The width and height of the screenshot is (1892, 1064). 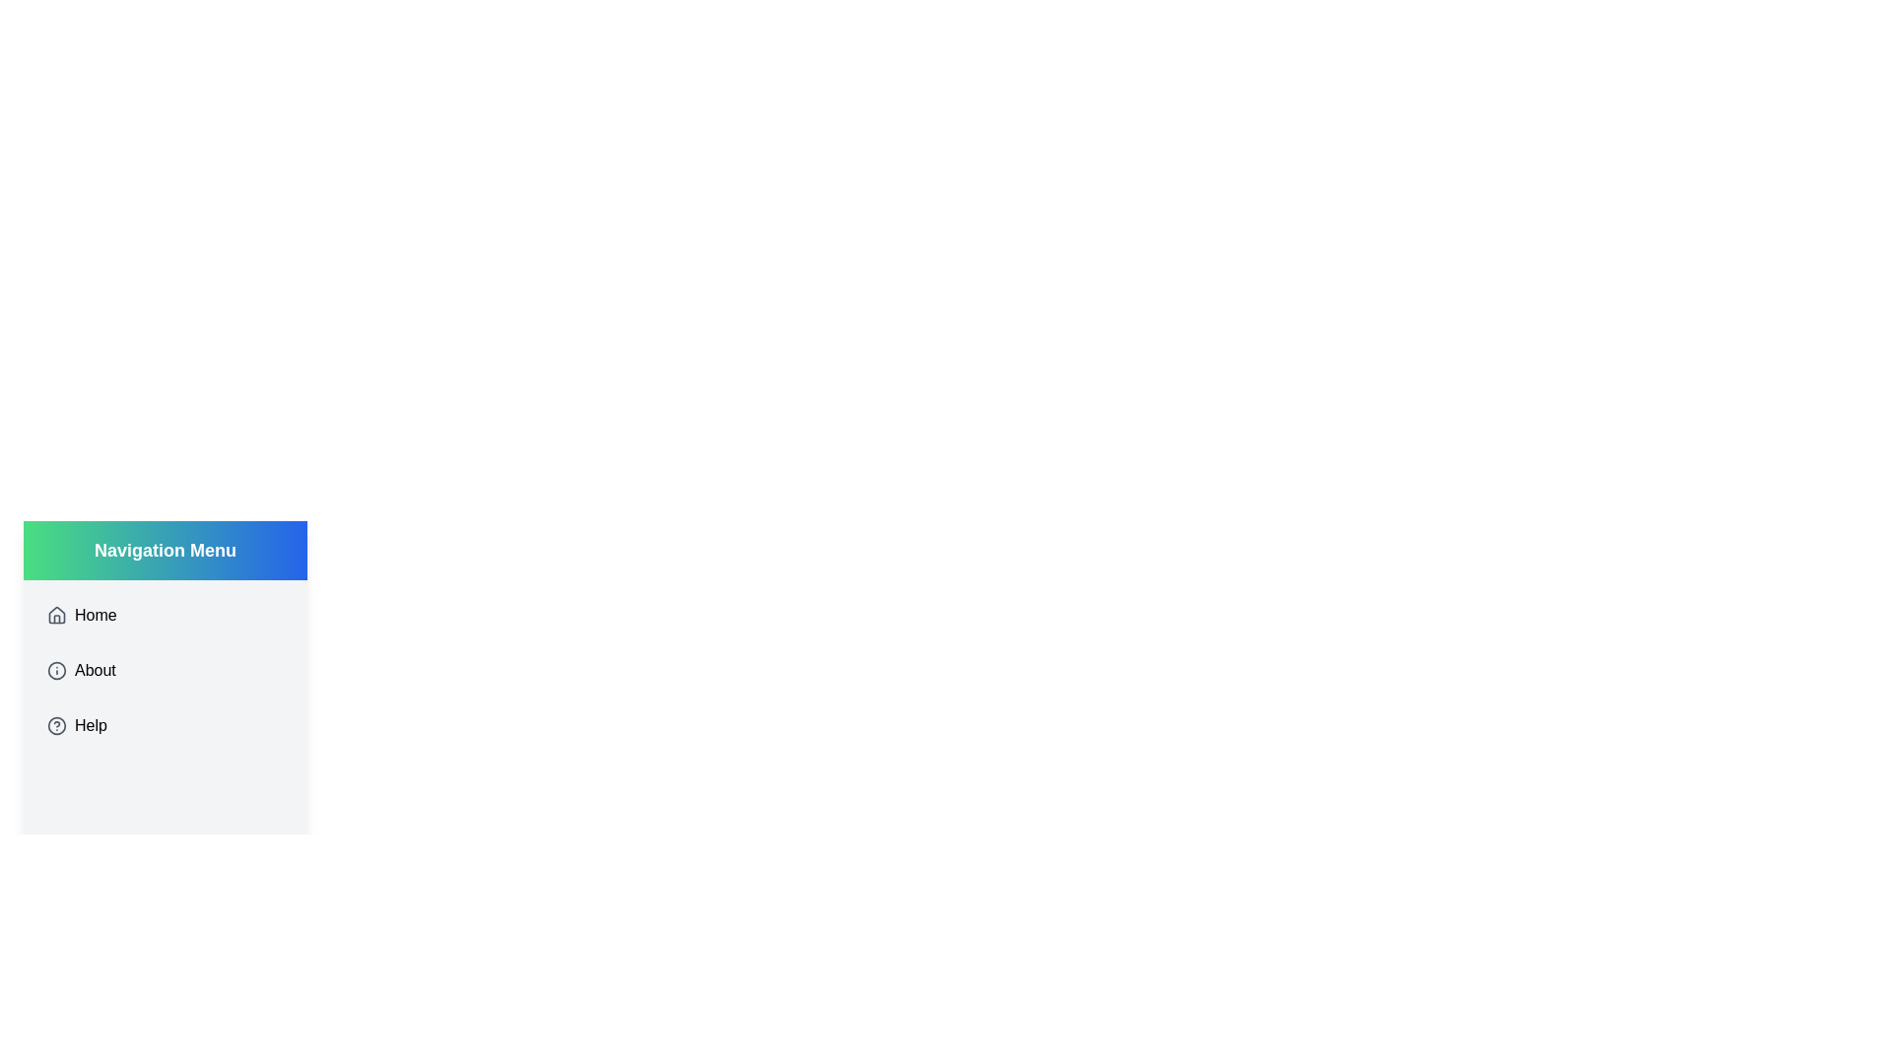 What do you see at coordinates (94, 670) in the screenshot?
I see `the 'About' text label in the vertical navigation menu` at bounding box center [94, 670].